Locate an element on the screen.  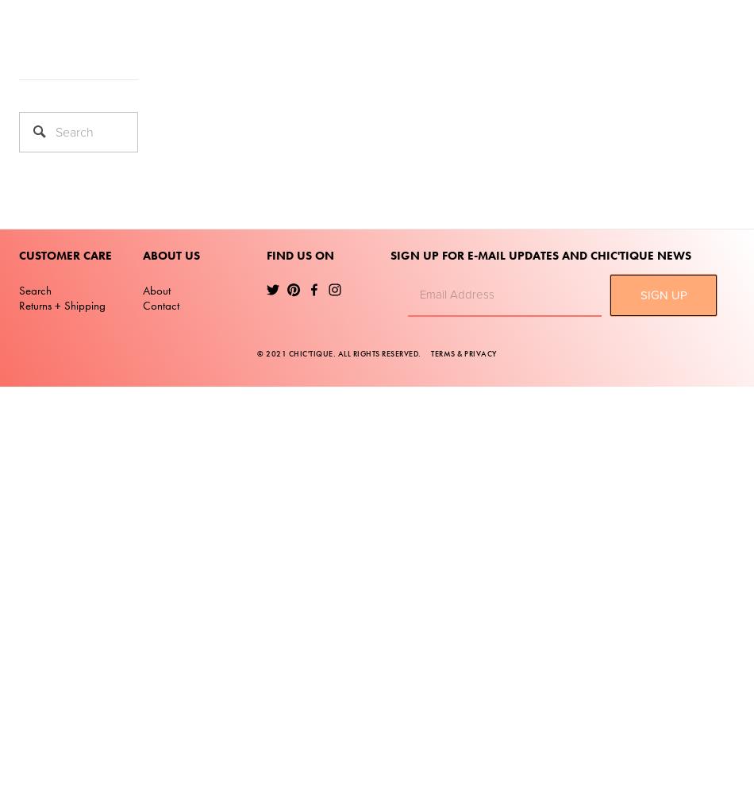
'About' is located at coordinates (156, 289).